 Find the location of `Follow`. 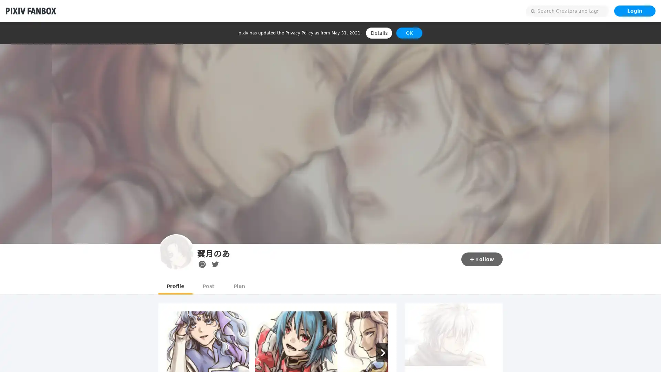

Follow is located at coordinates (482, 259).